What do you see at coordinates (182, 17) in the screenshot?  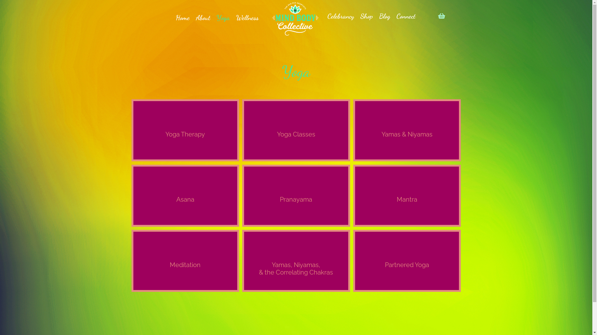 I see `'Home'` at bounding box center [182, 17].